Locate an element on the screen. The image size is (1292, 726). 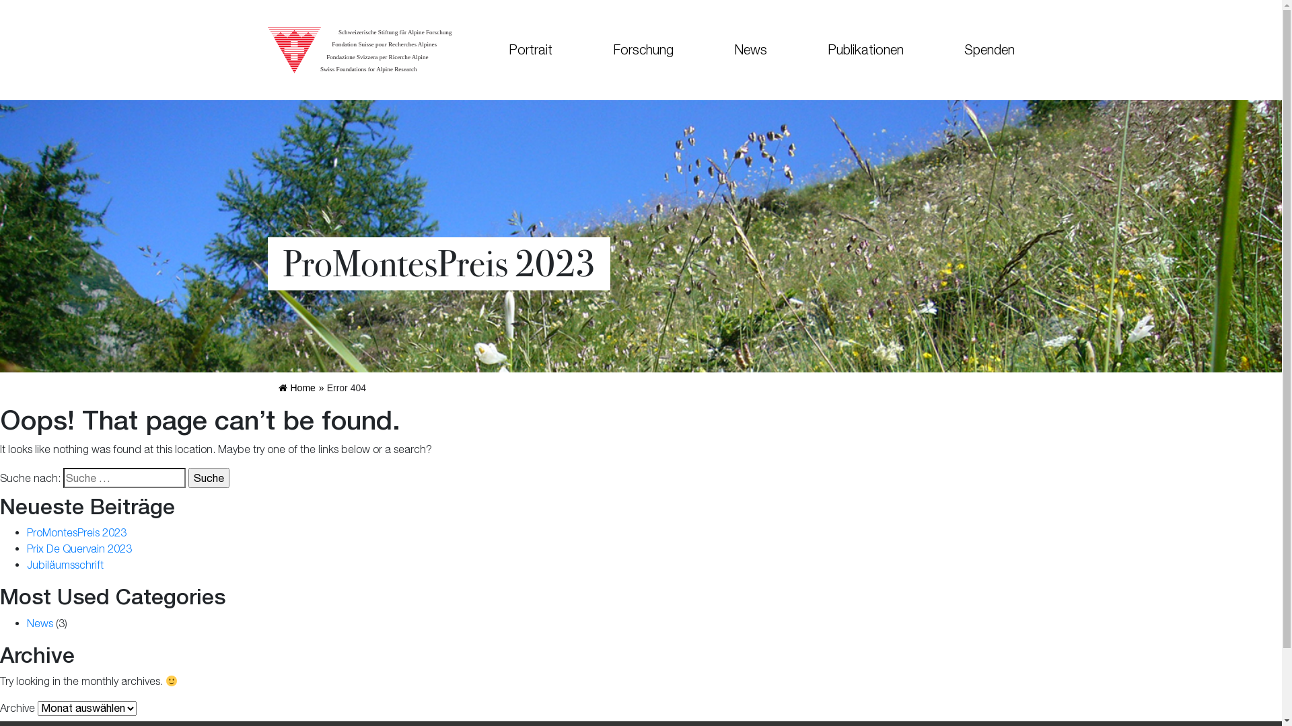
'Prix De Quervain 2023' is located at coordinates (79, 549).